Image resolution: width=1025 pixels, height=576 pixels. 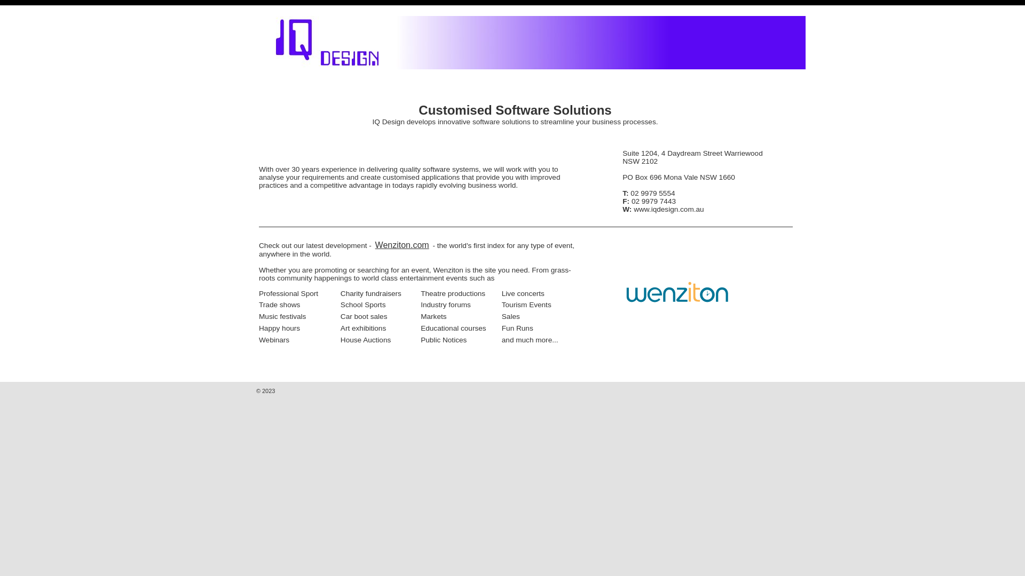 What do you see at coordinates (401, 245) in the screenshot?
I see `'Wenziton.com'` at bounding box center [401, 245].